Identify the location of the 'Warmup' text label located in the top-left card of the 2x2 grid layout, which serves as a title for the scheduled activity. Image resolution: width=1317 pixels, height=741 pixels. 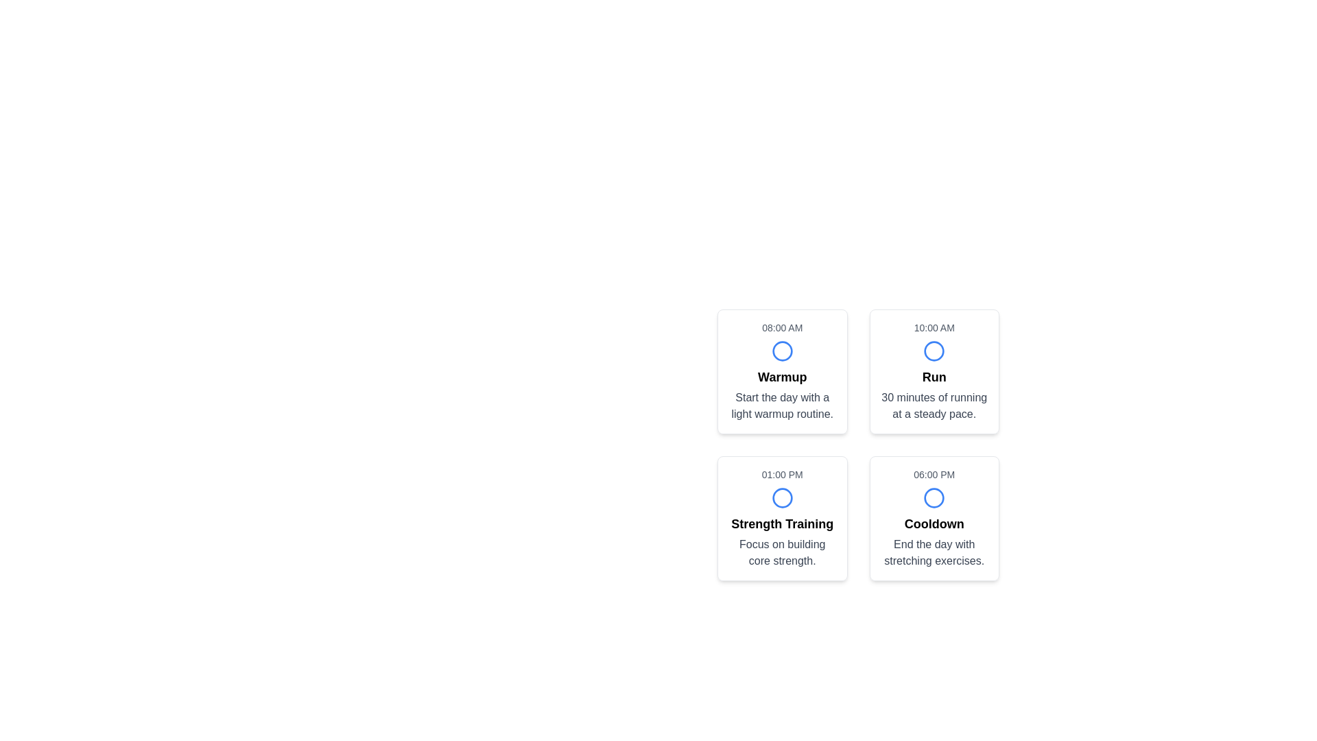
(782, 377).